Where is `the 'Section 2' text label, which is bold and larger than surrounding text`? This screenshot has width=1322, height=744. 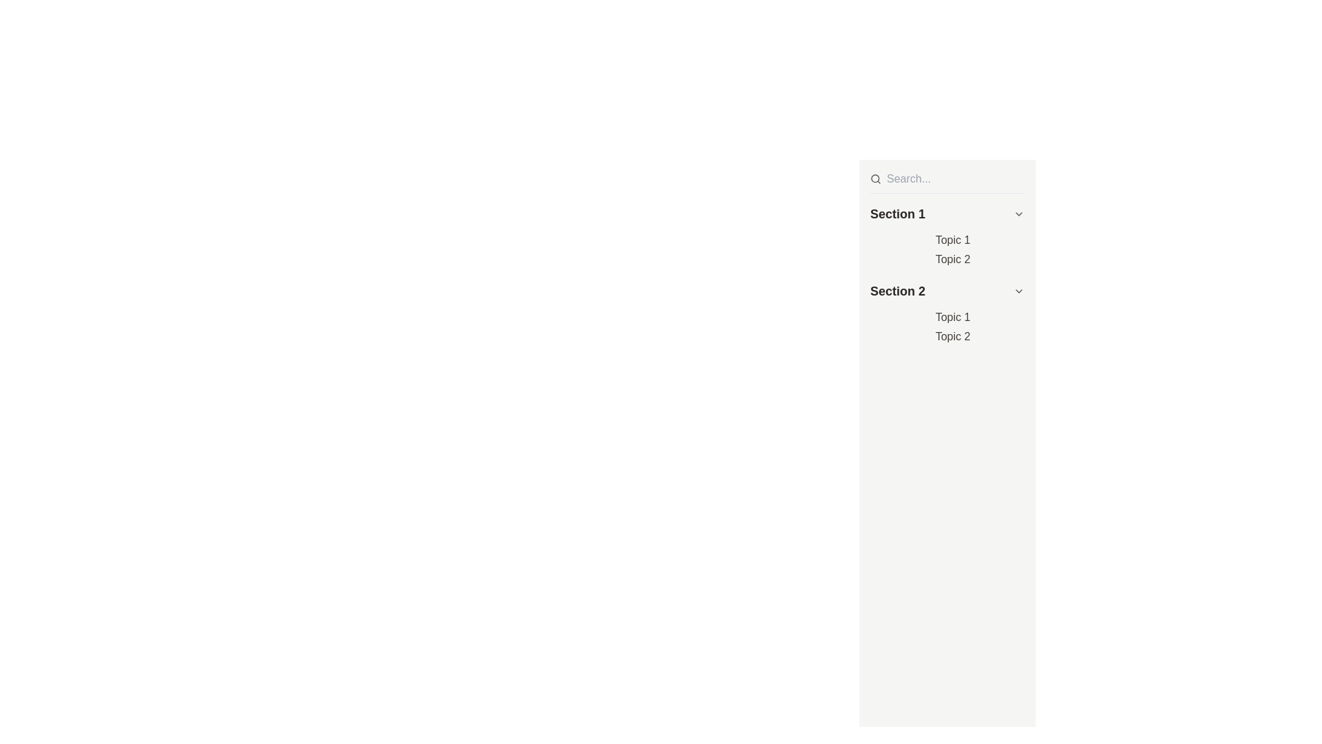 the 'Section 2' text label, which is bold and larger than surrounding text is located at coordinates (898, 291).